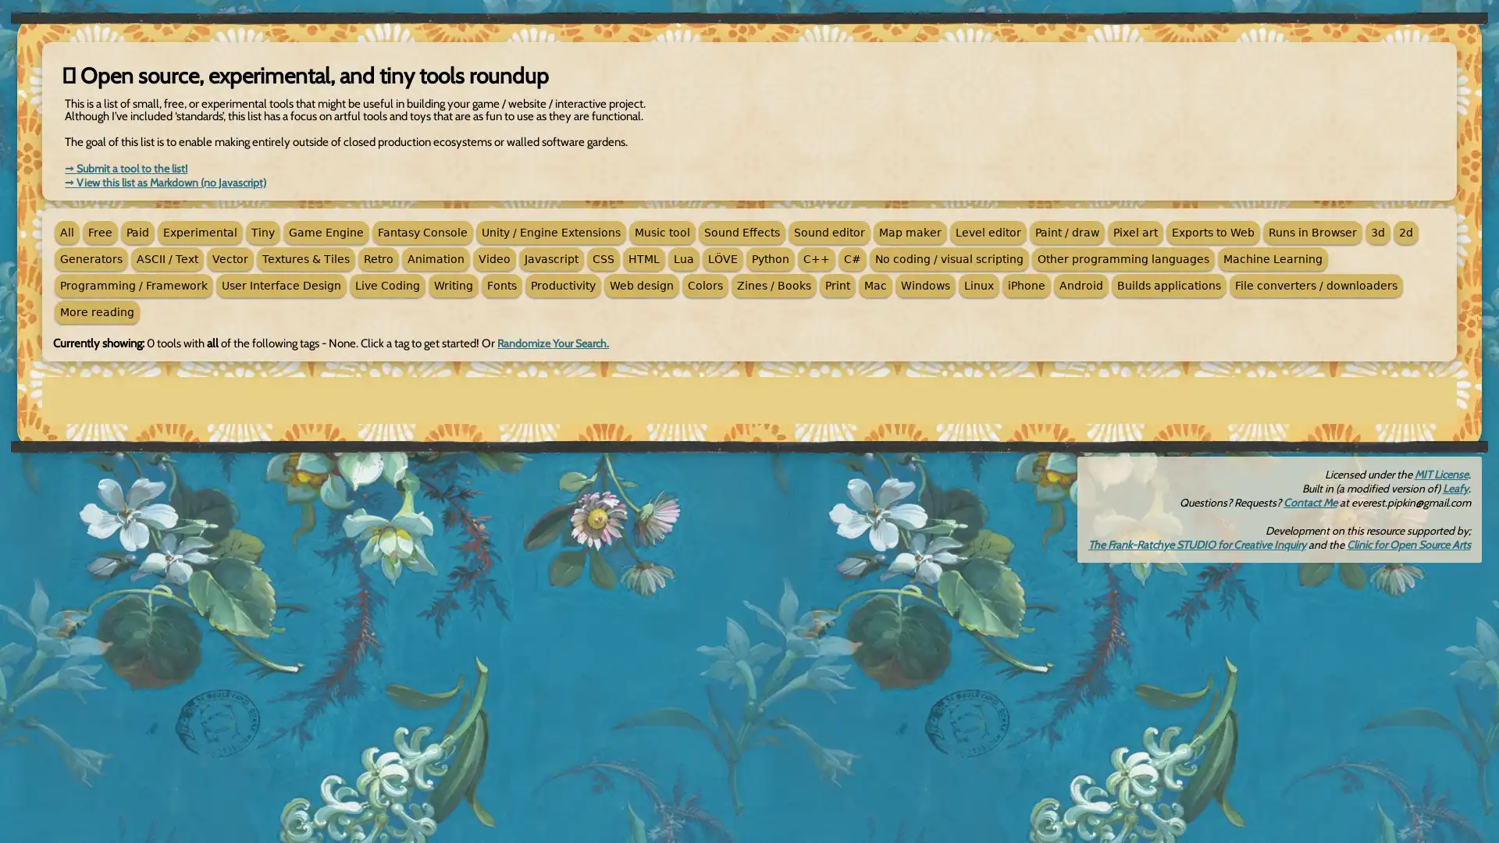 The height and width of the screenshot is (843, 1499). What do you see at coordinates (562, 286) in the screenshot?
I see `Productivity` at bounding box center [562, 286].